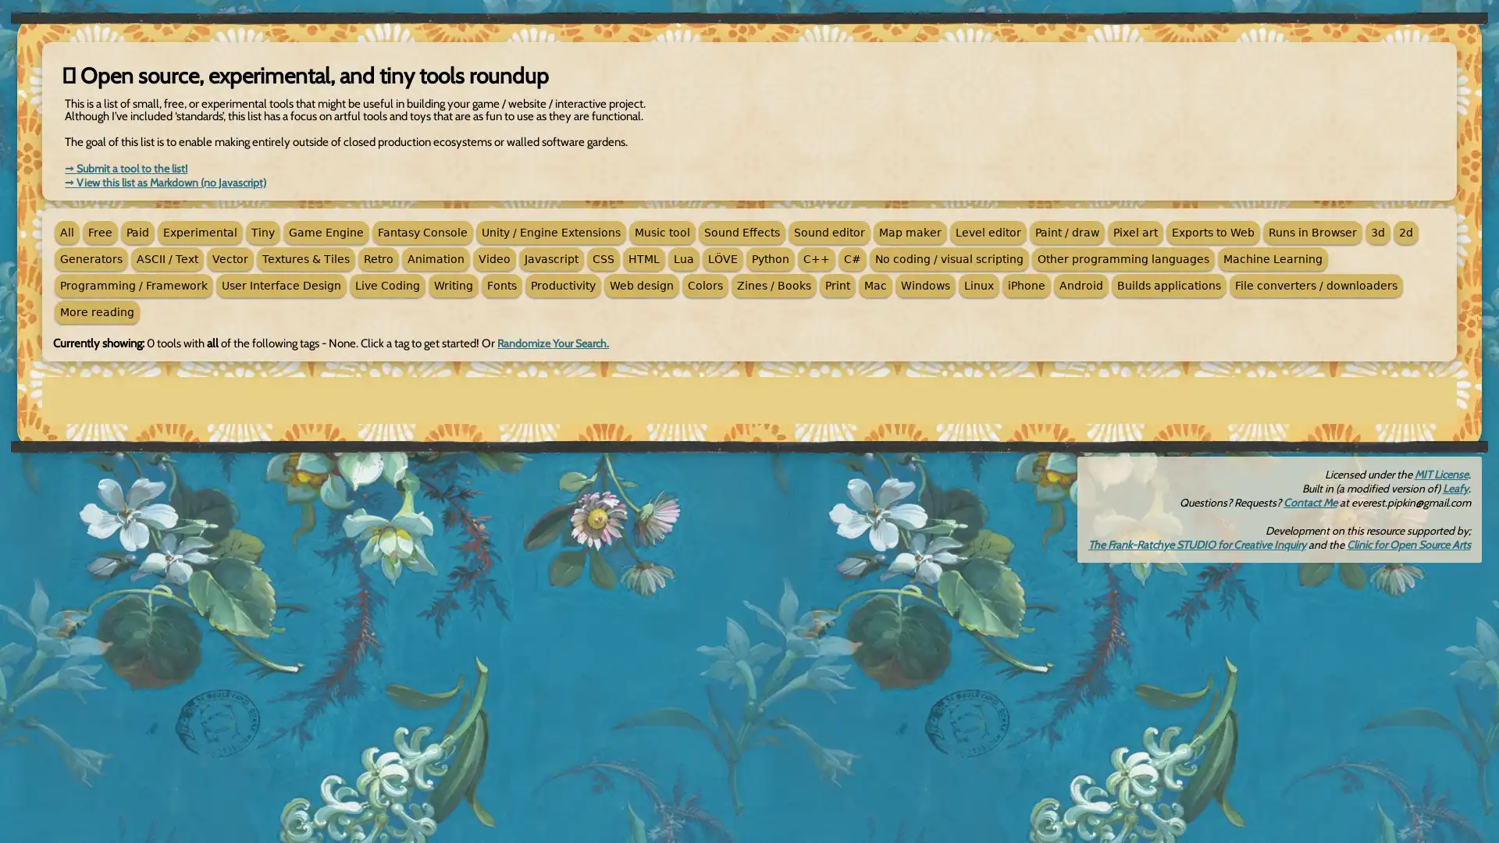 The height and width of the screenshot is (843, 1499). What do you see at coordinates (562, 286) in the screenshot?
I see `Productivity` at bounding box center [562, 286].